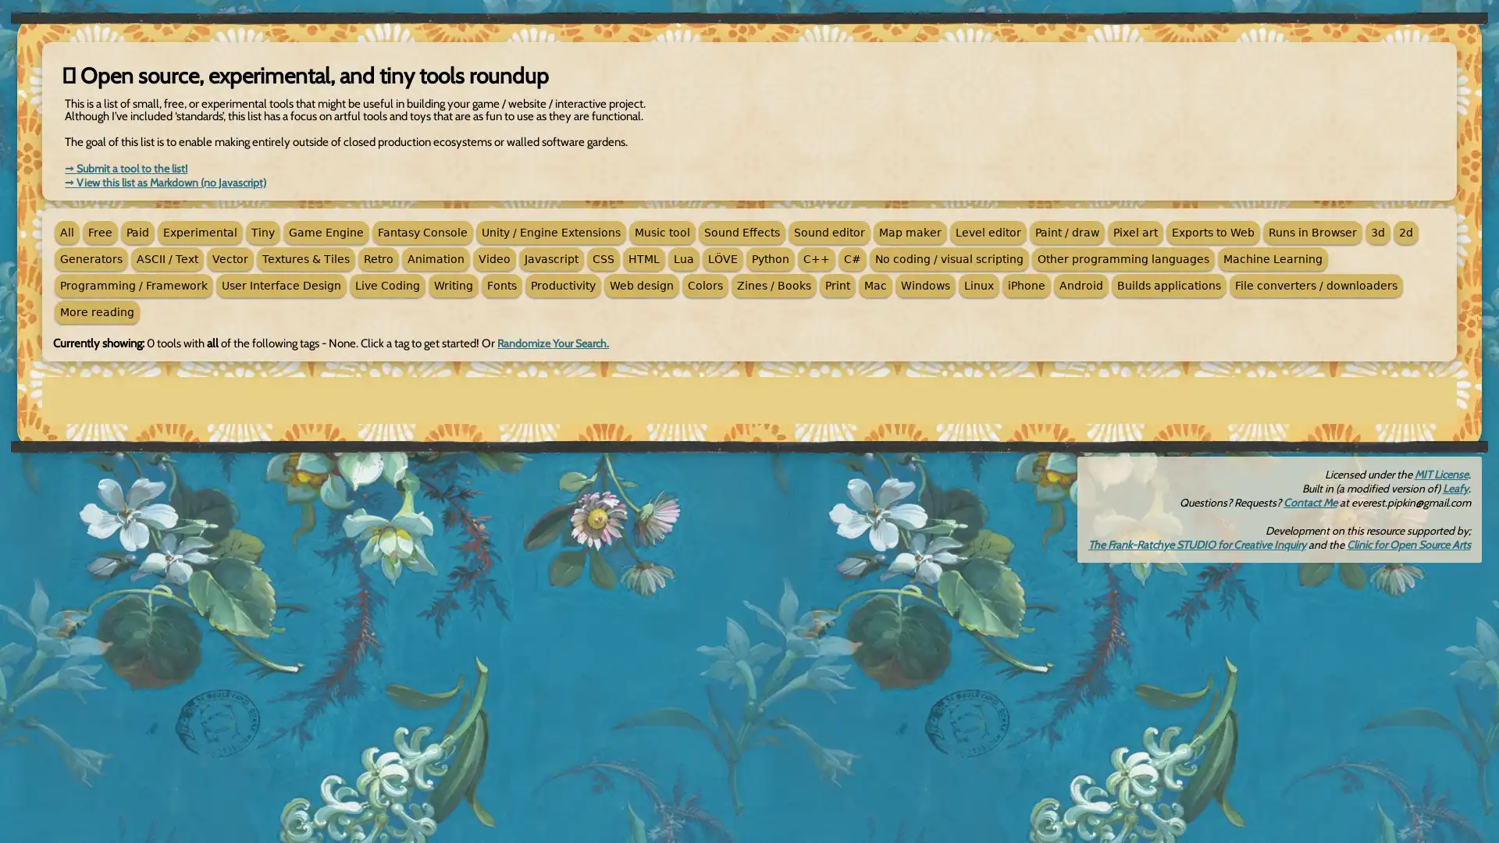 The height and width of the screenshot is (843, 1499). What do you see at coordinates (562, 286) in the screenshot?
I see `Productivity` at bounding box center [562, 286].